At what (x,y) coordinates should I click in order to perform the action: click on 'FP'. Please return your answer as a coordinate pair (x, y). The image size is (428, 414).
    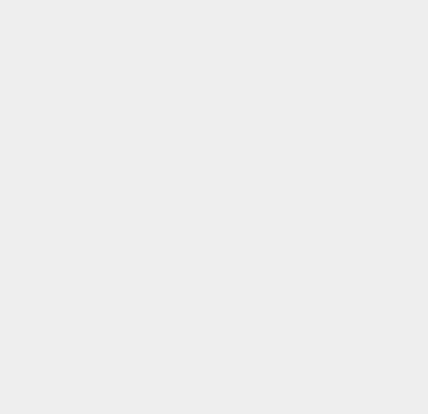
    Looking at the image, I should click on (306, 262).